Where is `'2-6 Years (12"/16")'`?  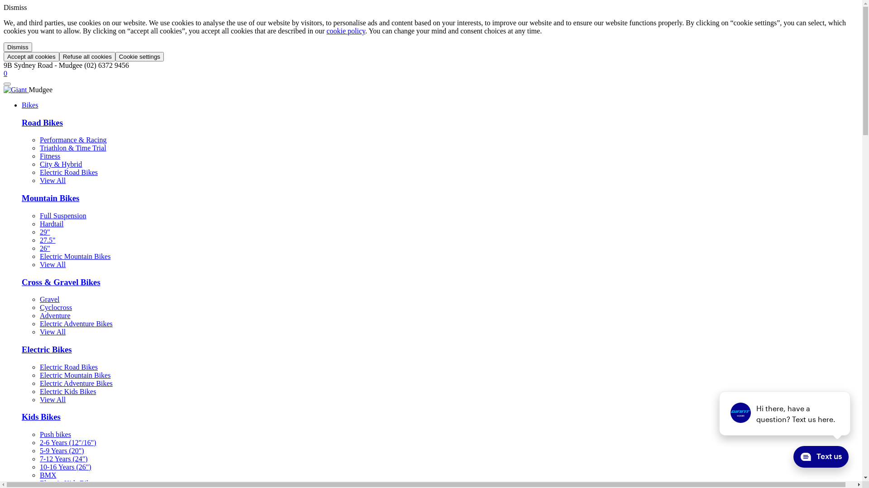
'2-6 Years (12"/16")' is located at coordinates (67, 442).